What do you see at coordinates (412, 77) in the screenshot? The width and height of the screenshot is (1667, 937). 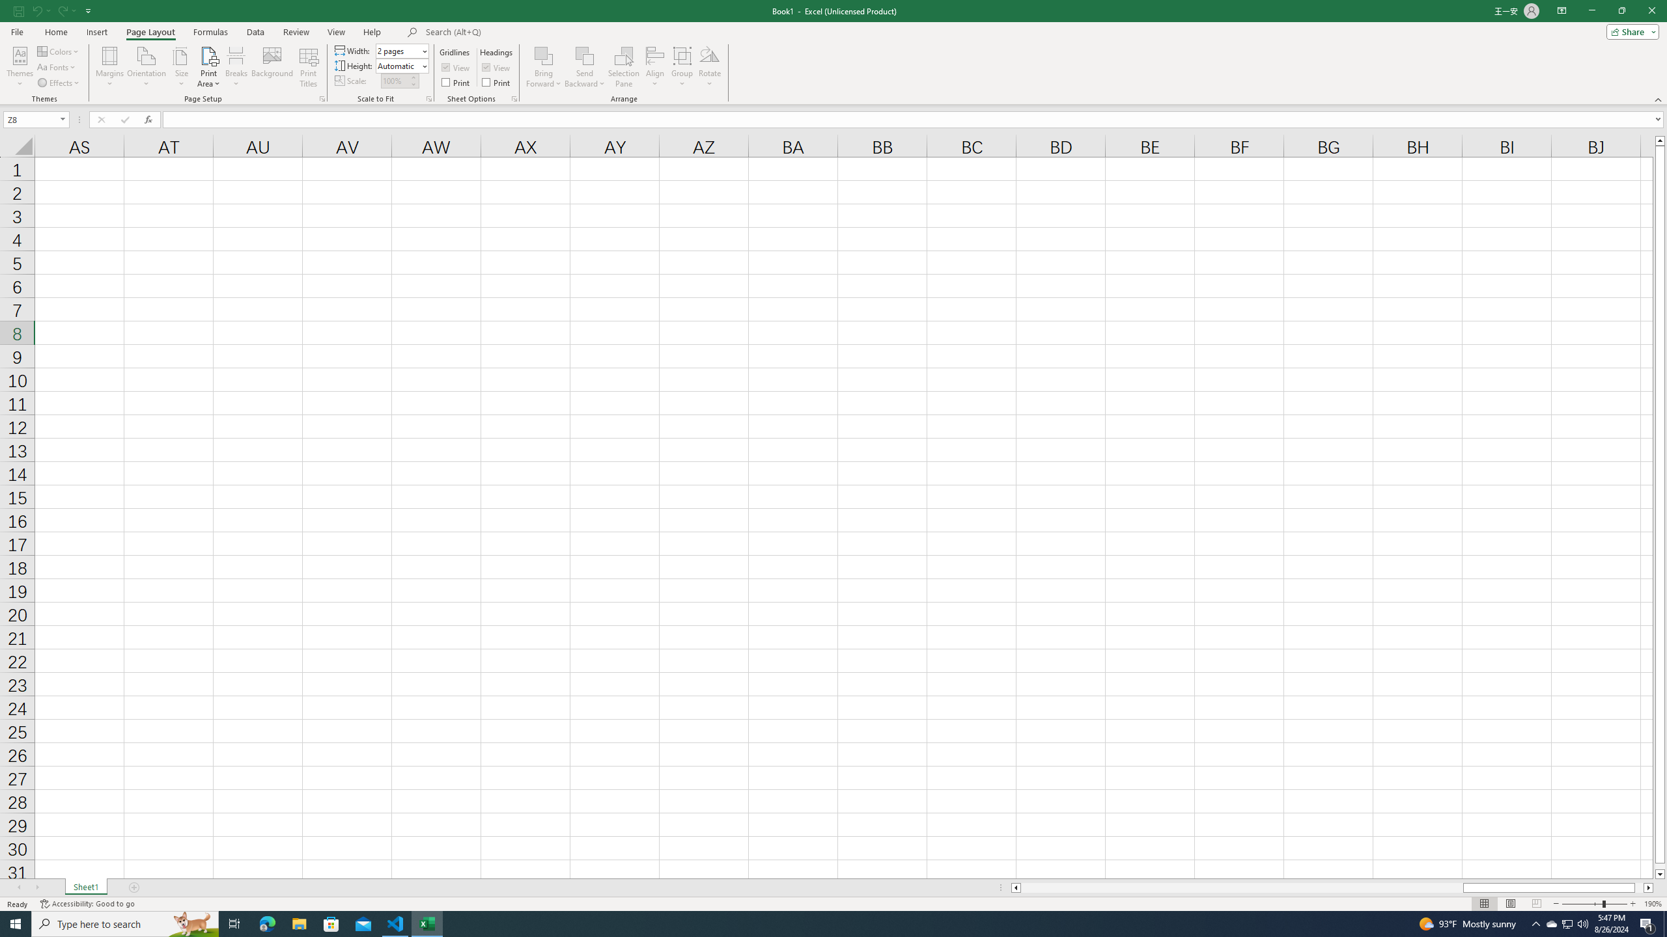 I see `'More'` at bounding box center [412, 77].